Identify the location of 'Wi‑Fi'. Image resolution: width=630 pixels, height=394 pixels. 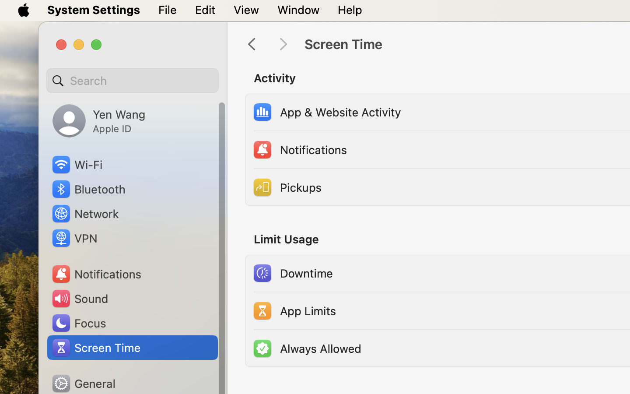
(76, 165).